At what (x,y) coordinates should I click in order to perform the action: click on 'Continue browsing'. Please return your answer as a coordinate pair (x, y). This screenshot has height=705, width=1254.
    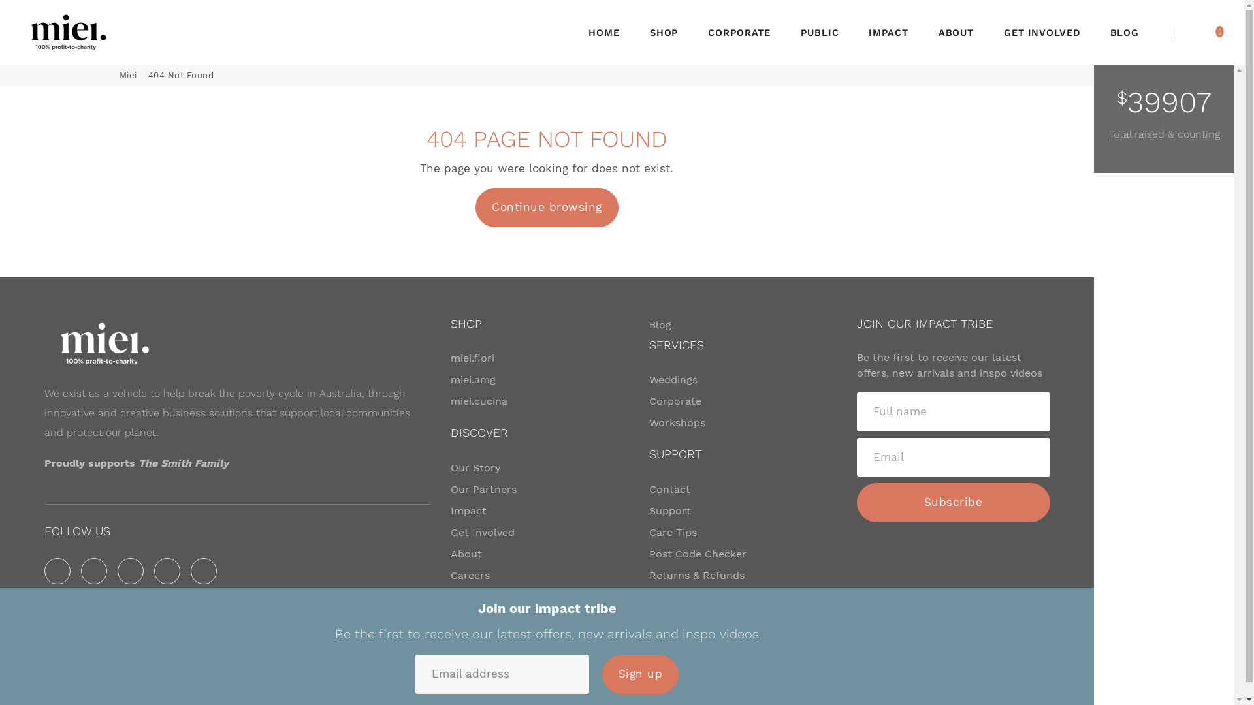
    Looking at the image, I should click on (547, 206).